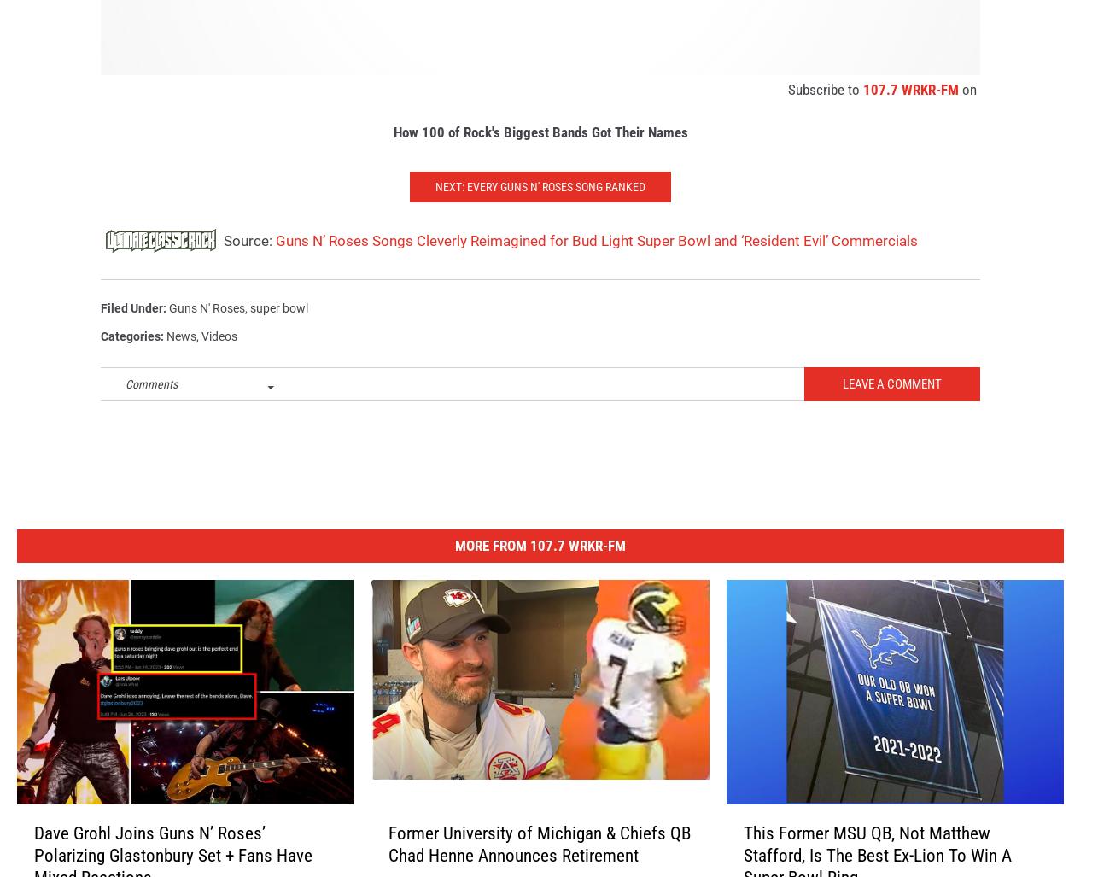 This screenshot has height=877, width=1098. I want to click on 'Guns N’ Roses Songs Cleverly Reimagined for Bud Light Super Bowl and ‘Resident Evil’ Commercials', so click(596, 258).